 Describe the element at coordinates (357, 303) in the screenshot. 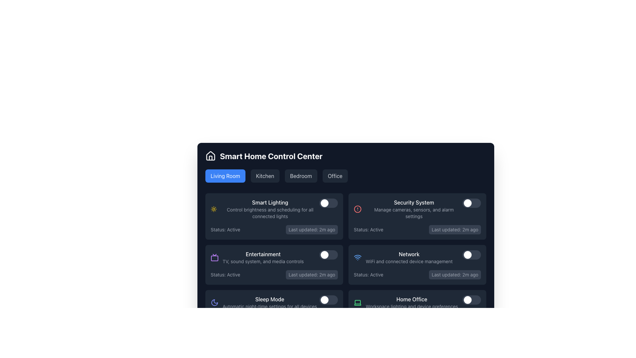

I see `the visual representation of the 'Home Office' icon located at the top-left of the card-like area in the smart home control interface` at that location.